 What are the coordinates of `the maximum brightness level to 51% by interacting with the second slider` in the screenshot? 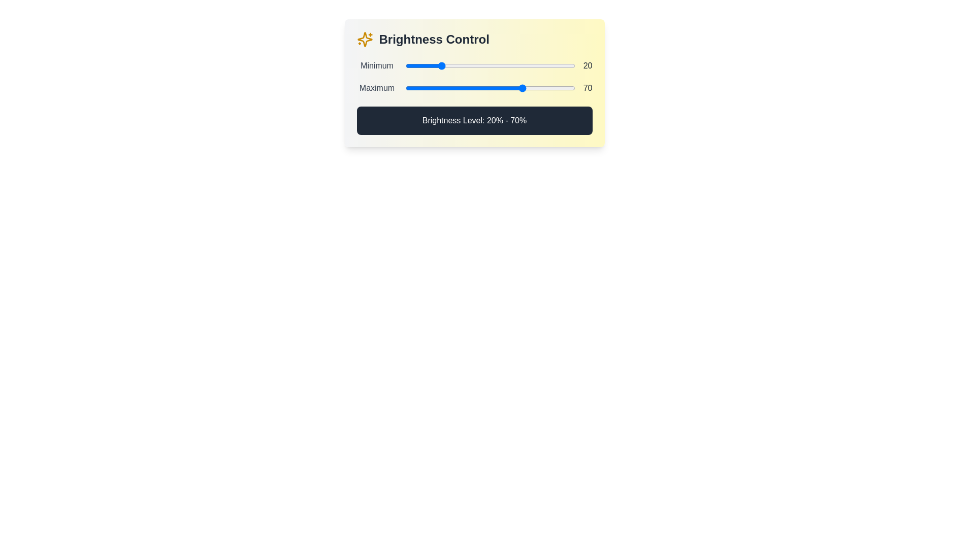 It's located at (492, 87).